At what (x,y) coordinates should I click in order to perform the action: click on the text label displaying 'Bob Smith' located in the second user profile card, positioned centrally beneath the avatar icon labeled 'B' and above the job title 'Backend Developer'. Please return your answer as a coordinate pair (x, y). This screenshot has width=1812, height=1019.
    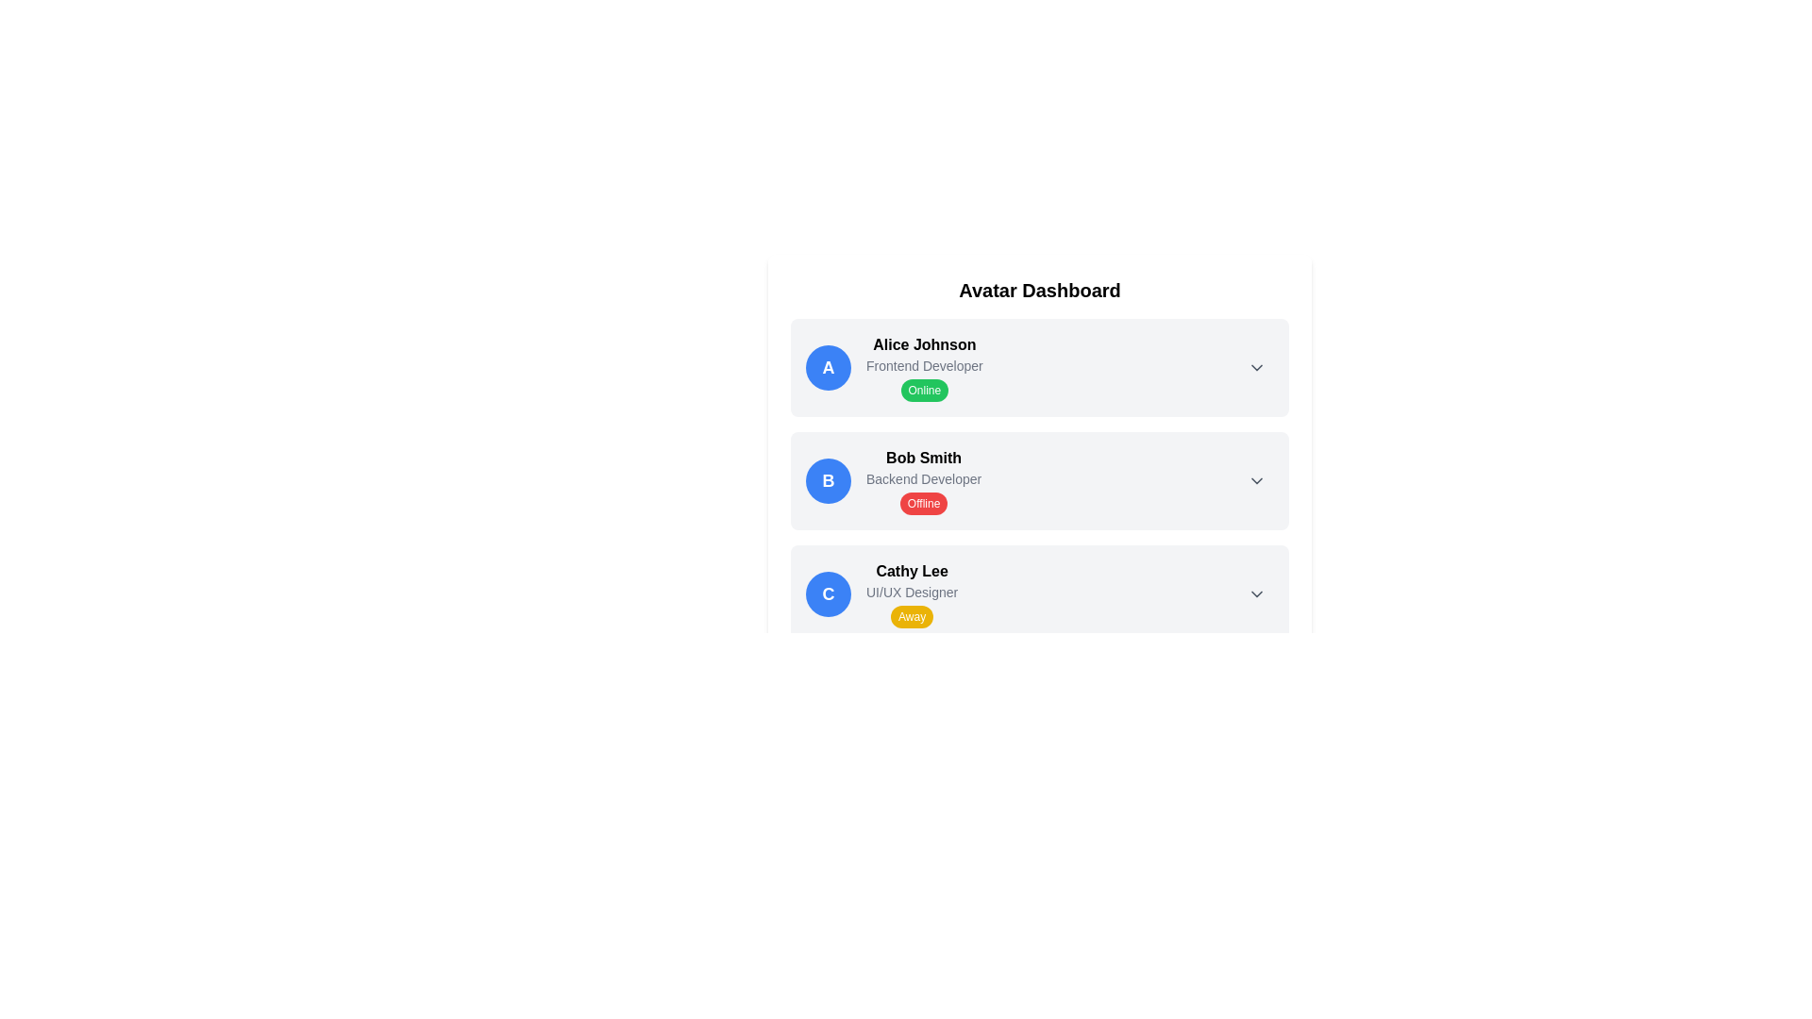
    Looking at the image, I should click on (924, 459).